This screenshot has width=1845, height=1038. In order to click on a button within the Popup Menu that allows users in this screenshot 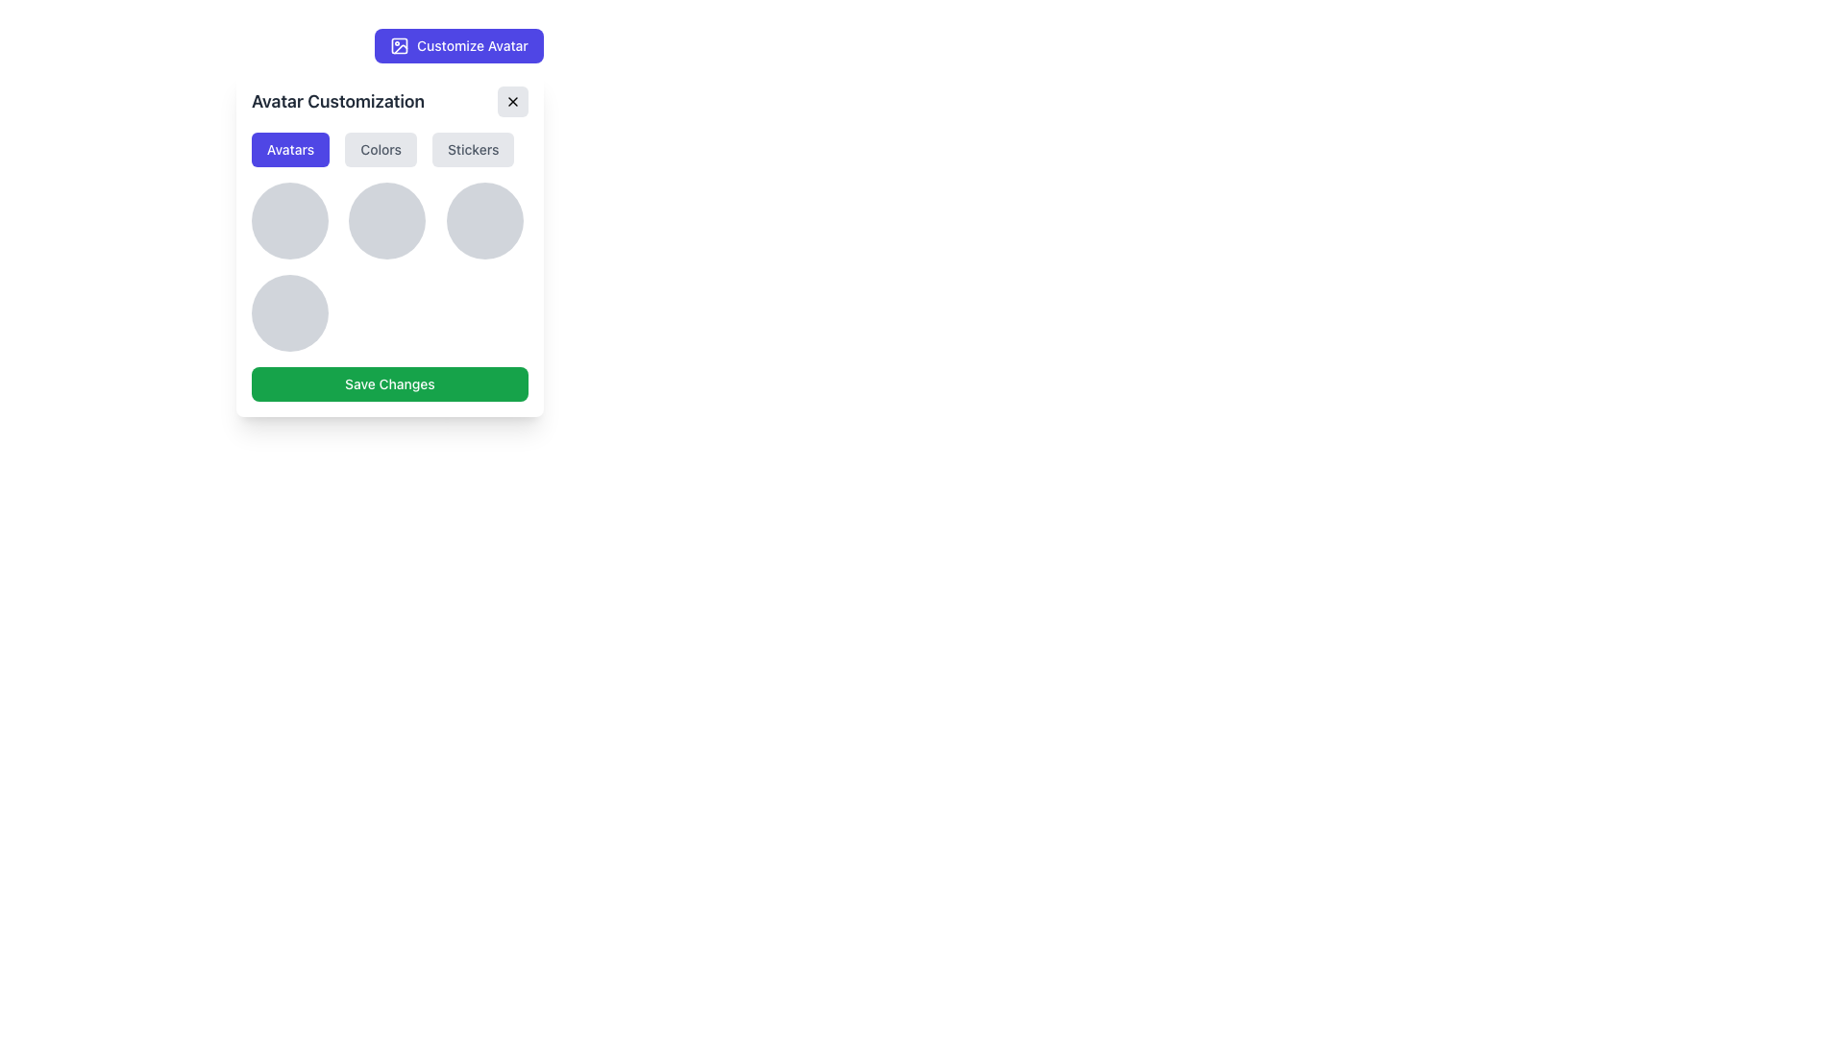, I will do `click(388, 243)`.